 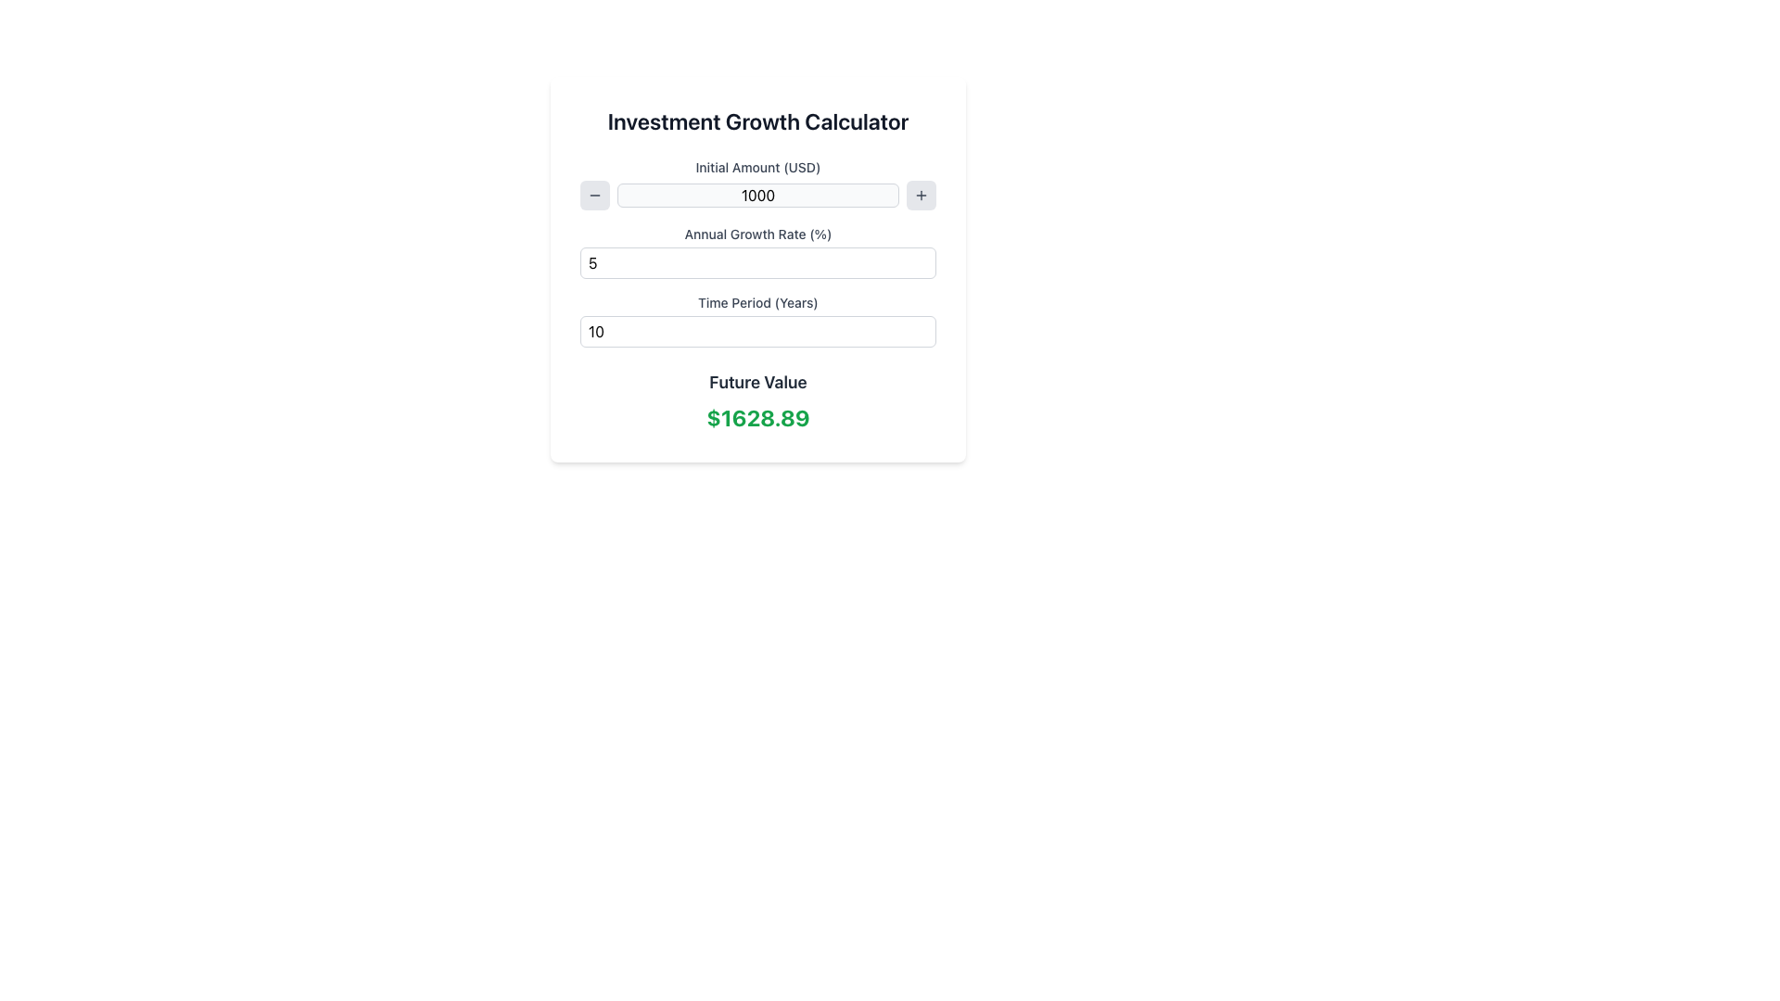 I want to click on the small, rounded square gray button with a minus sign symbol on the left side of the input field displaying '1000' to decrease the value, so click(x=595, y=196).